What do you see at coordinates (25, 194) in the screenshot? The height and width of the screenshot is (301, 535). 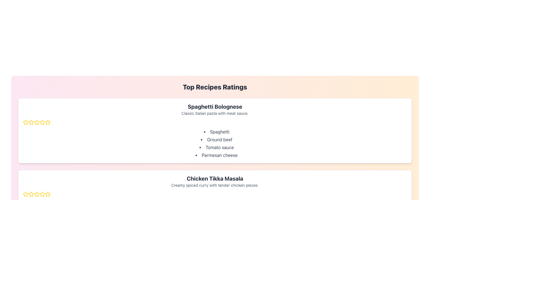 I see `the first star rating icon for 'Chicken Tikka Masala' to choose the initial level of rating` at bounding box center [25, 194].